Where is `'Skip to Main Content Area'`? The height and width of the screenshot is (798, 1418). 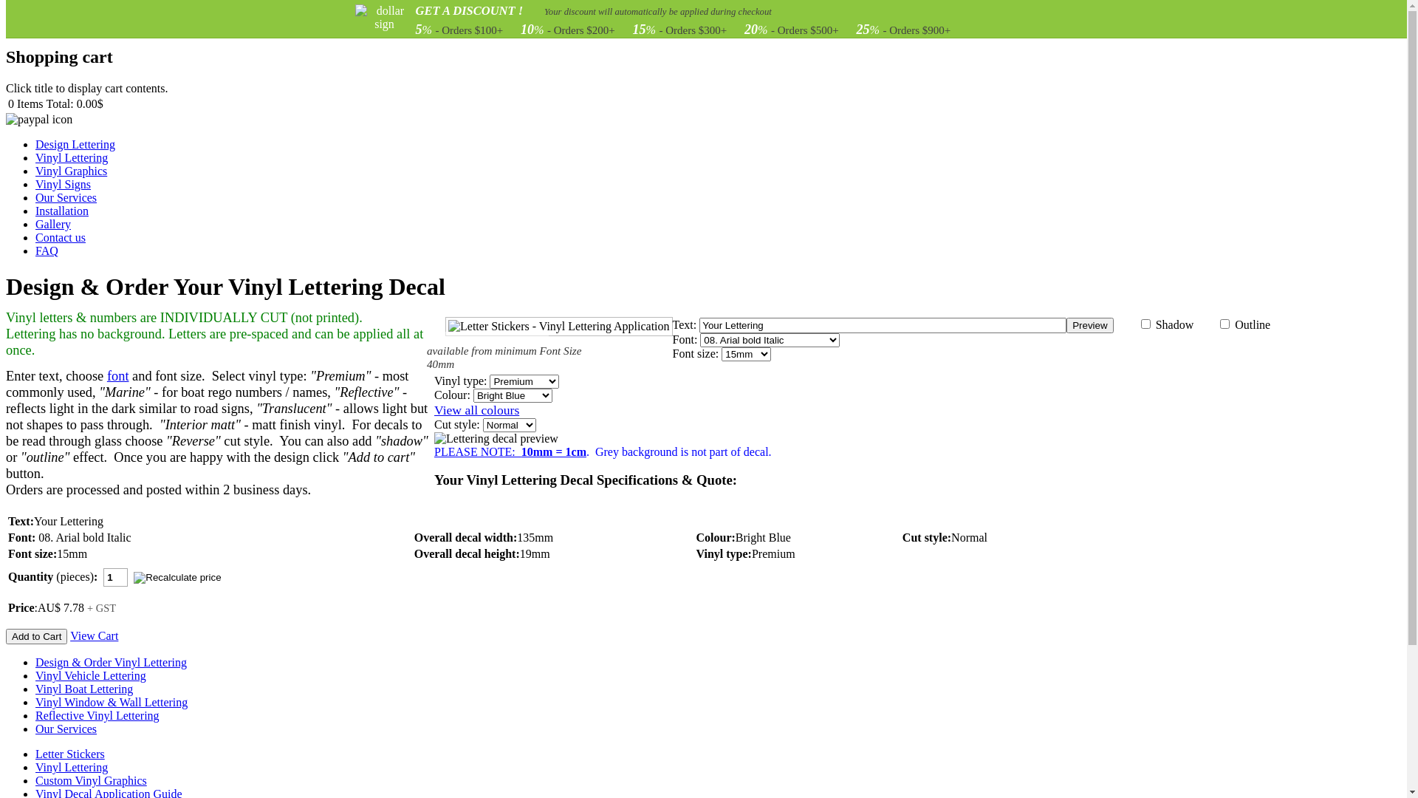
'Skip to Main Content Area' is located at coordinates (69, 12).